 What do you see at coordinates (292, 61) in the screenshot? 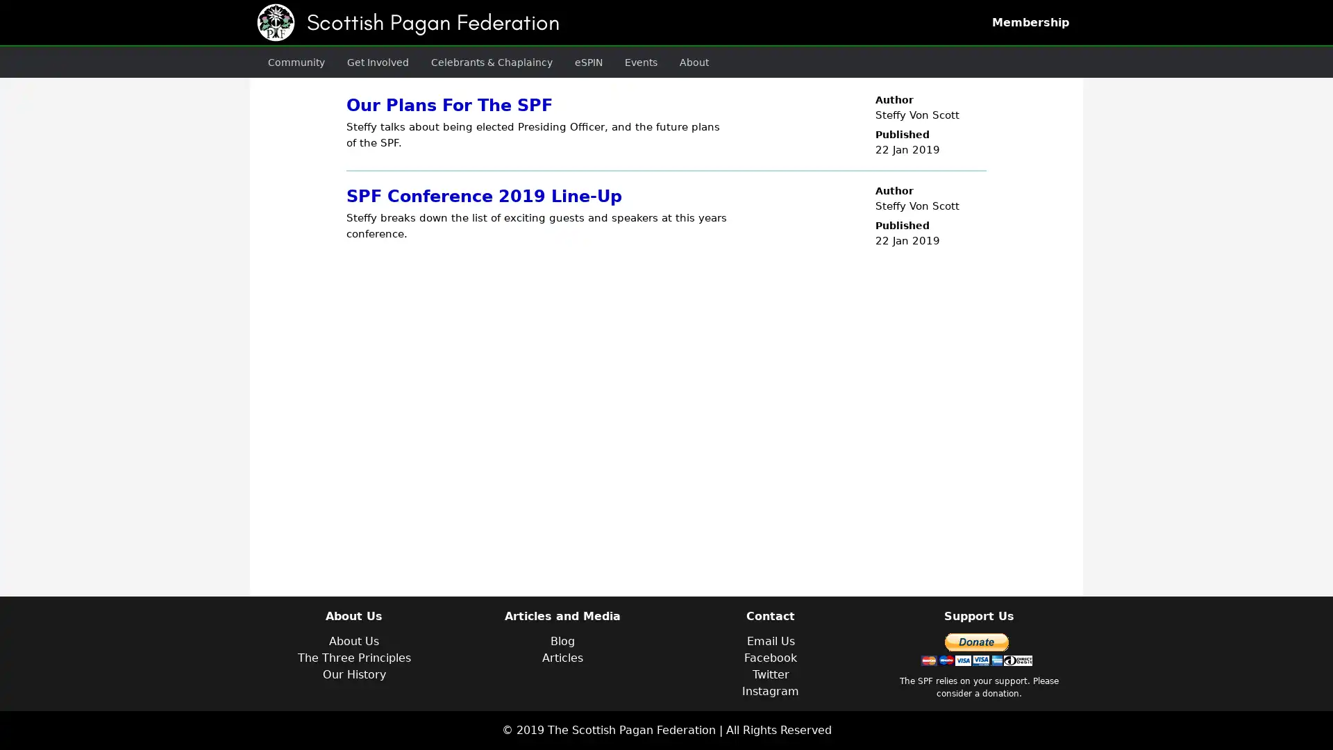
I see `Community` at bounding box center [292, 61].